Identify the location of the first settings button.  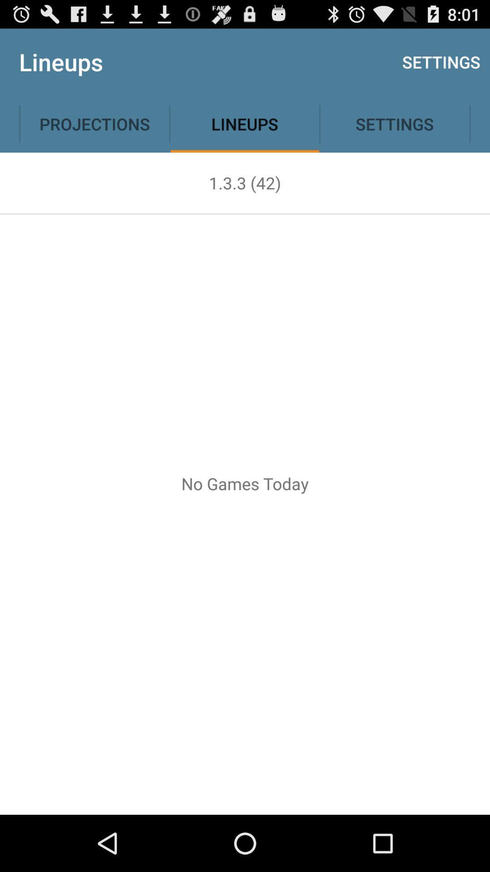
(441, 62).